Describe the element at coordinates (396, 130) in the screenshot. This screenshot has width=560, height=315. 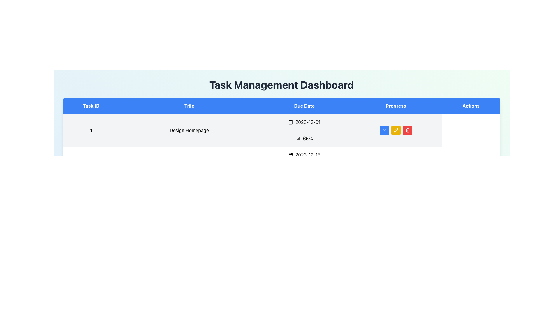
I see `the editing button with a pencil icon located in the 'Actions' column of the 'Design Homepage' row in the Task Management Dashboard to invoke the editing function` at that location.